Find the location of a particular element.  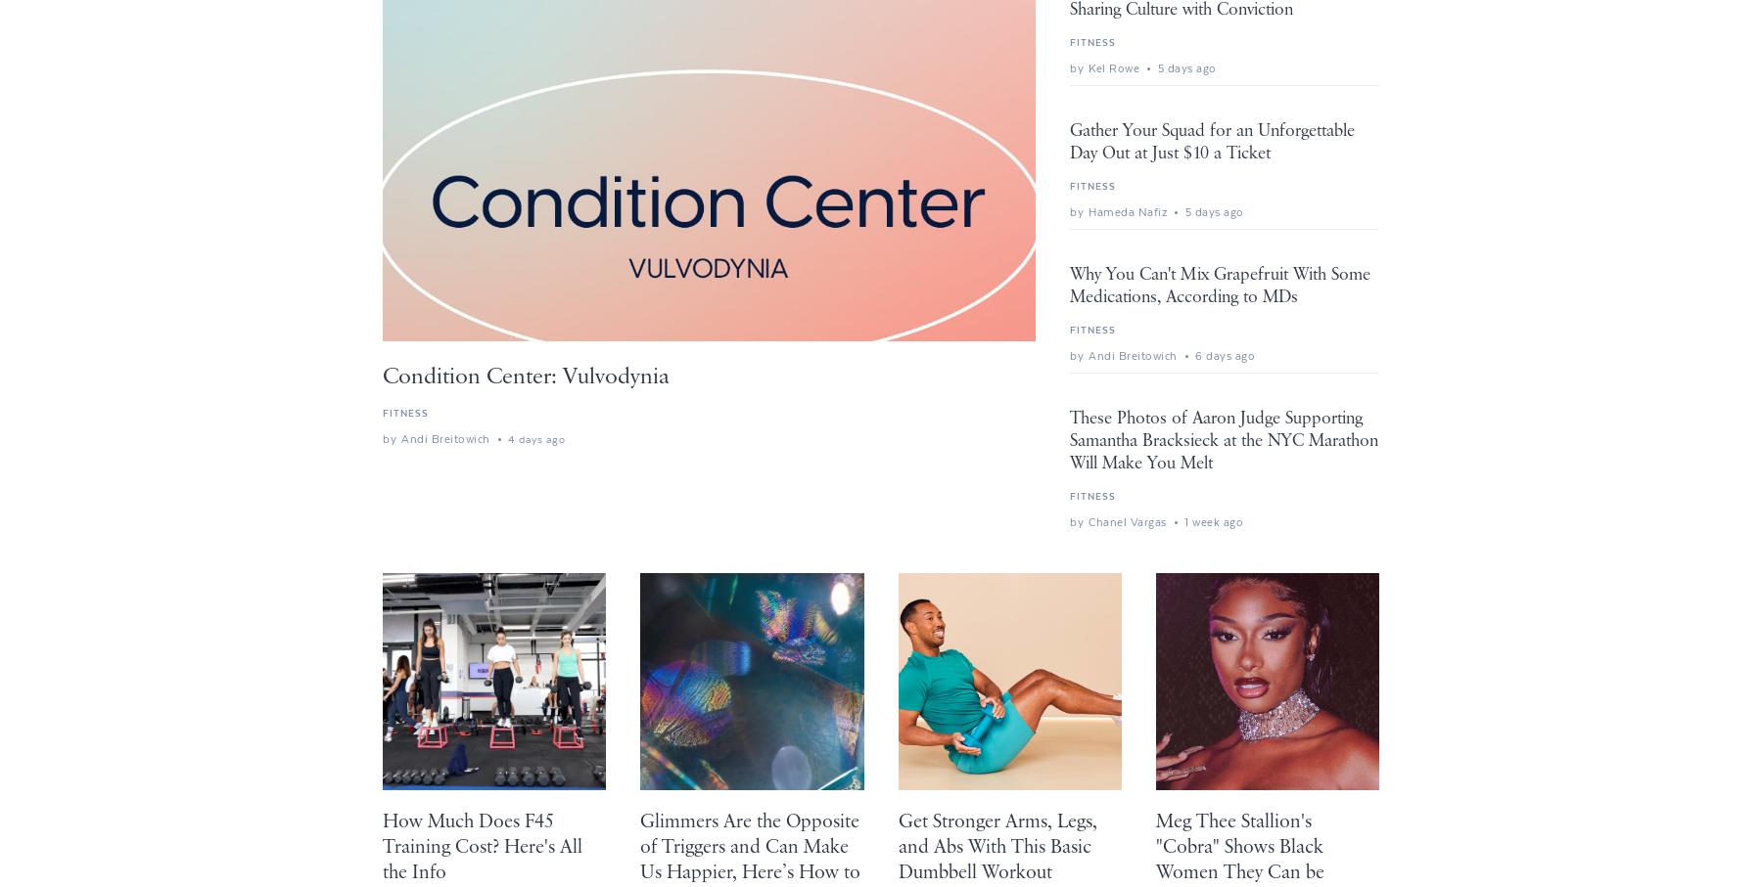

'Why You Can't Mix Grapefruit With Some Medications, According to MDs' is located at coordinates (1220, 286).